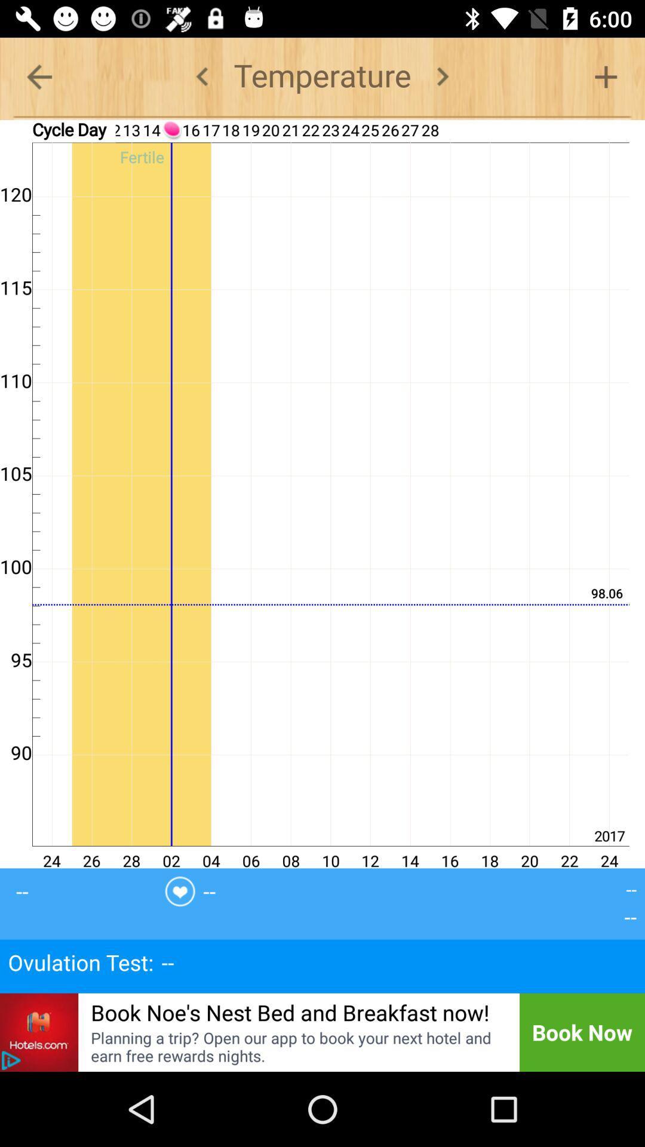  I want to click on the item to the left of the book noe s, so click(38, 1032).